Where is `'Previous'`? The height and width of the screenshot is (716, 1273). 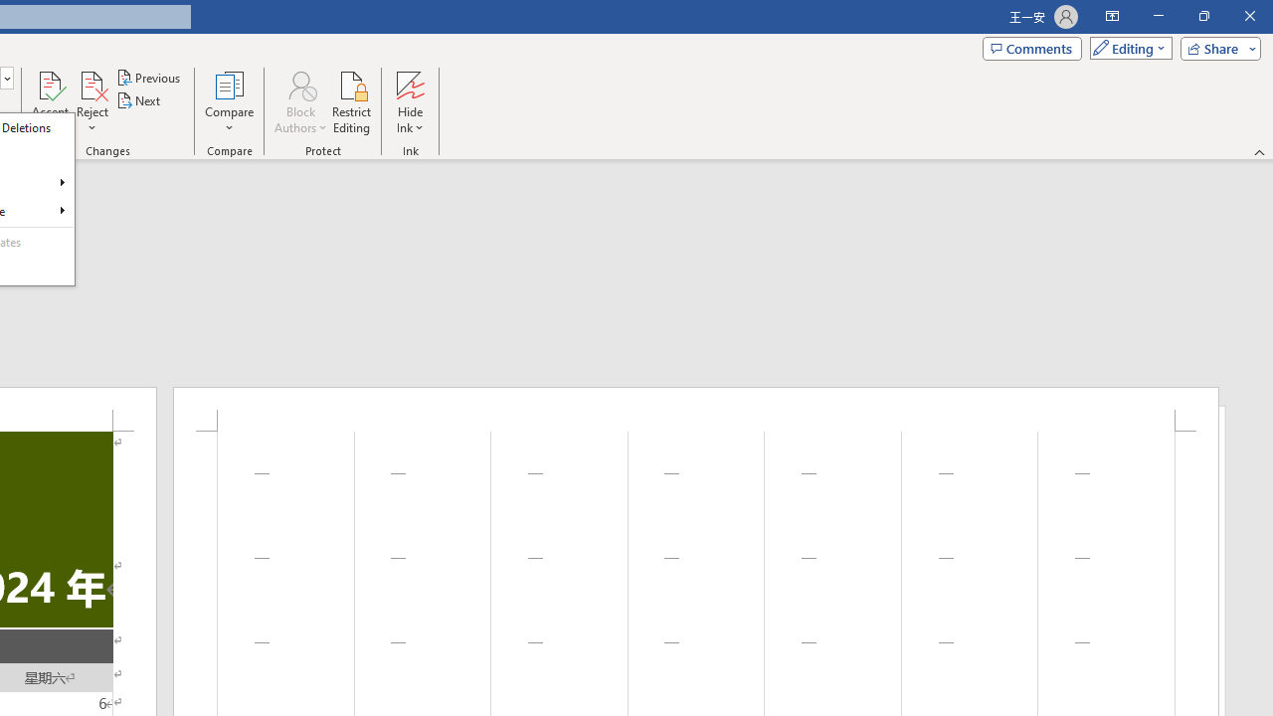 'Previous' is located at coordinates (149, 77).